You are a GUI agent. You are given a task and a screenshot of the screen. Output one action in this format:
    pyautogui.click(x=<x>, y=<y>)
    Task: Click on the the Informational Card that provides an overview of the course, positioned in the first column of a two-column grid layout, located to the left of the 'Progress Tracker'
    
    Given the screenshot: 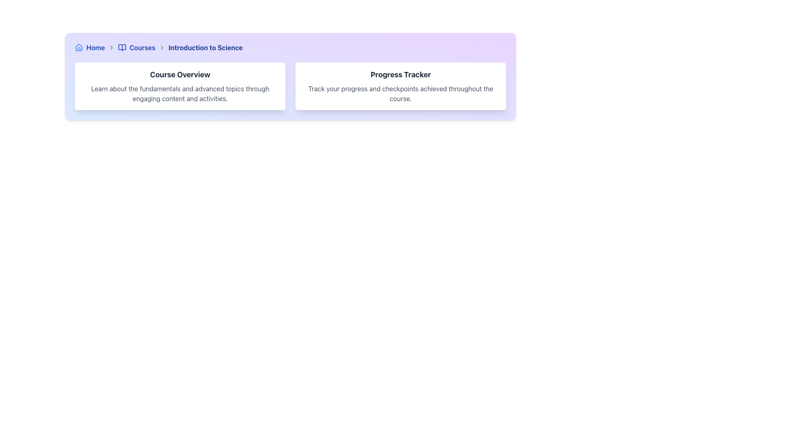 What is the action you would take?
    pyautogui.click(x=179, y=86)
    